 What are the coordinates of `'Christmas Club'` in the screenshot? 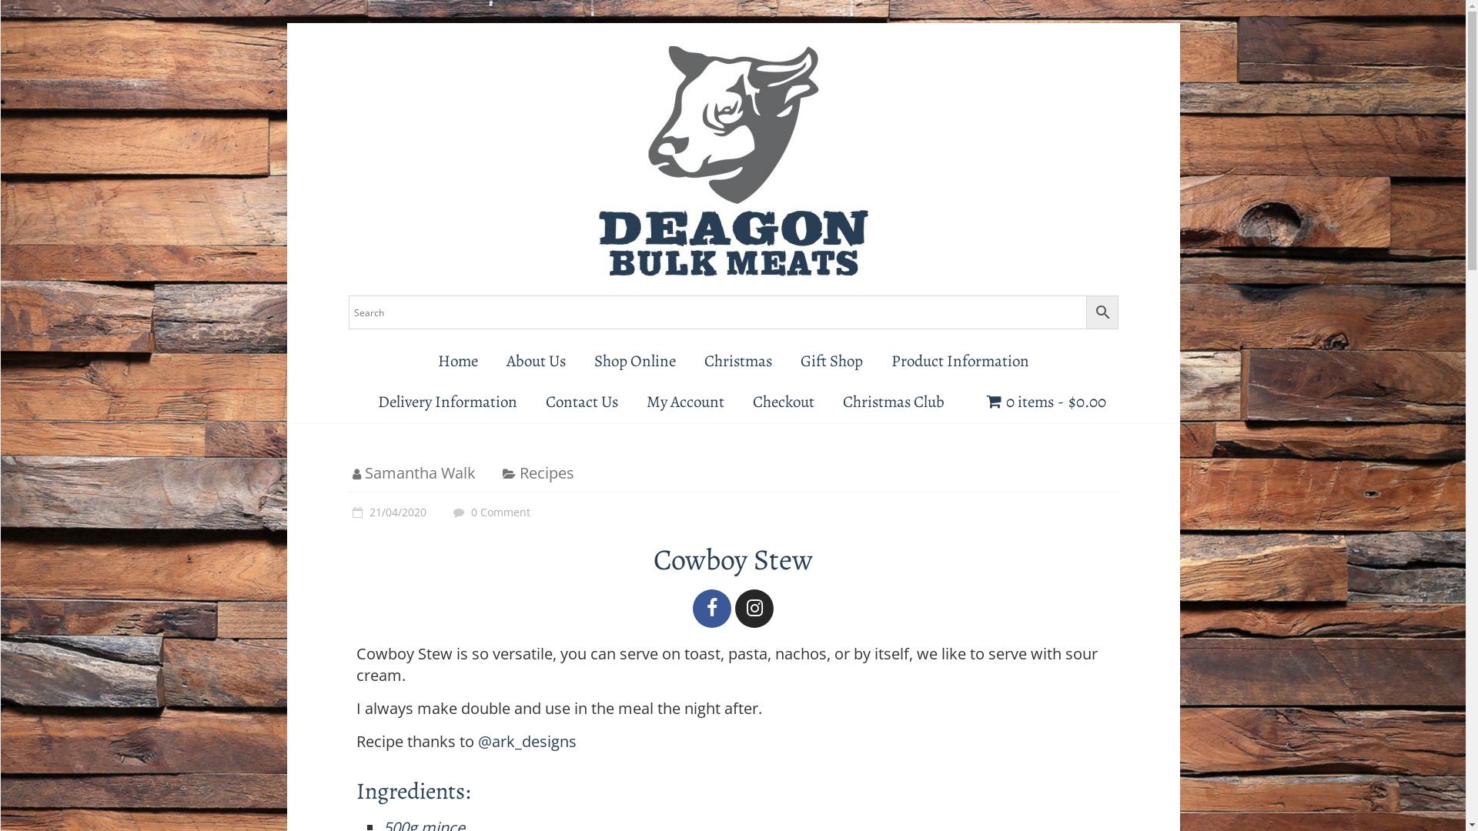 It's located at (894, 401).